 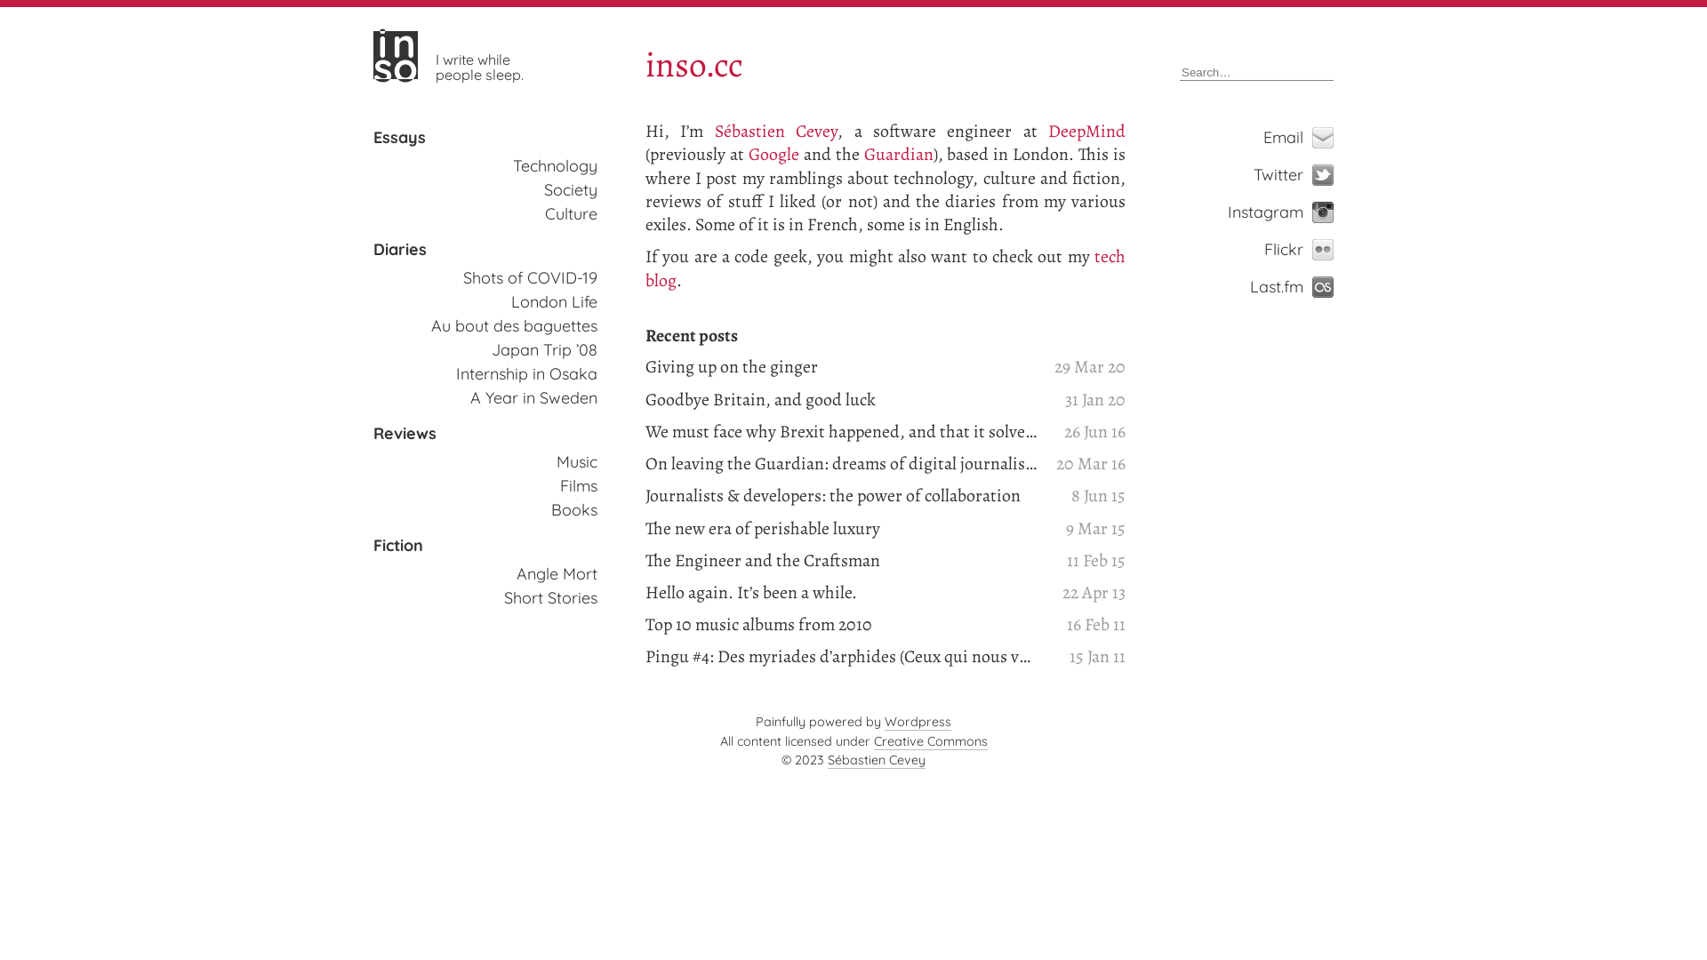 I want to click on 'Wordpress', so click(x=918, y=722).